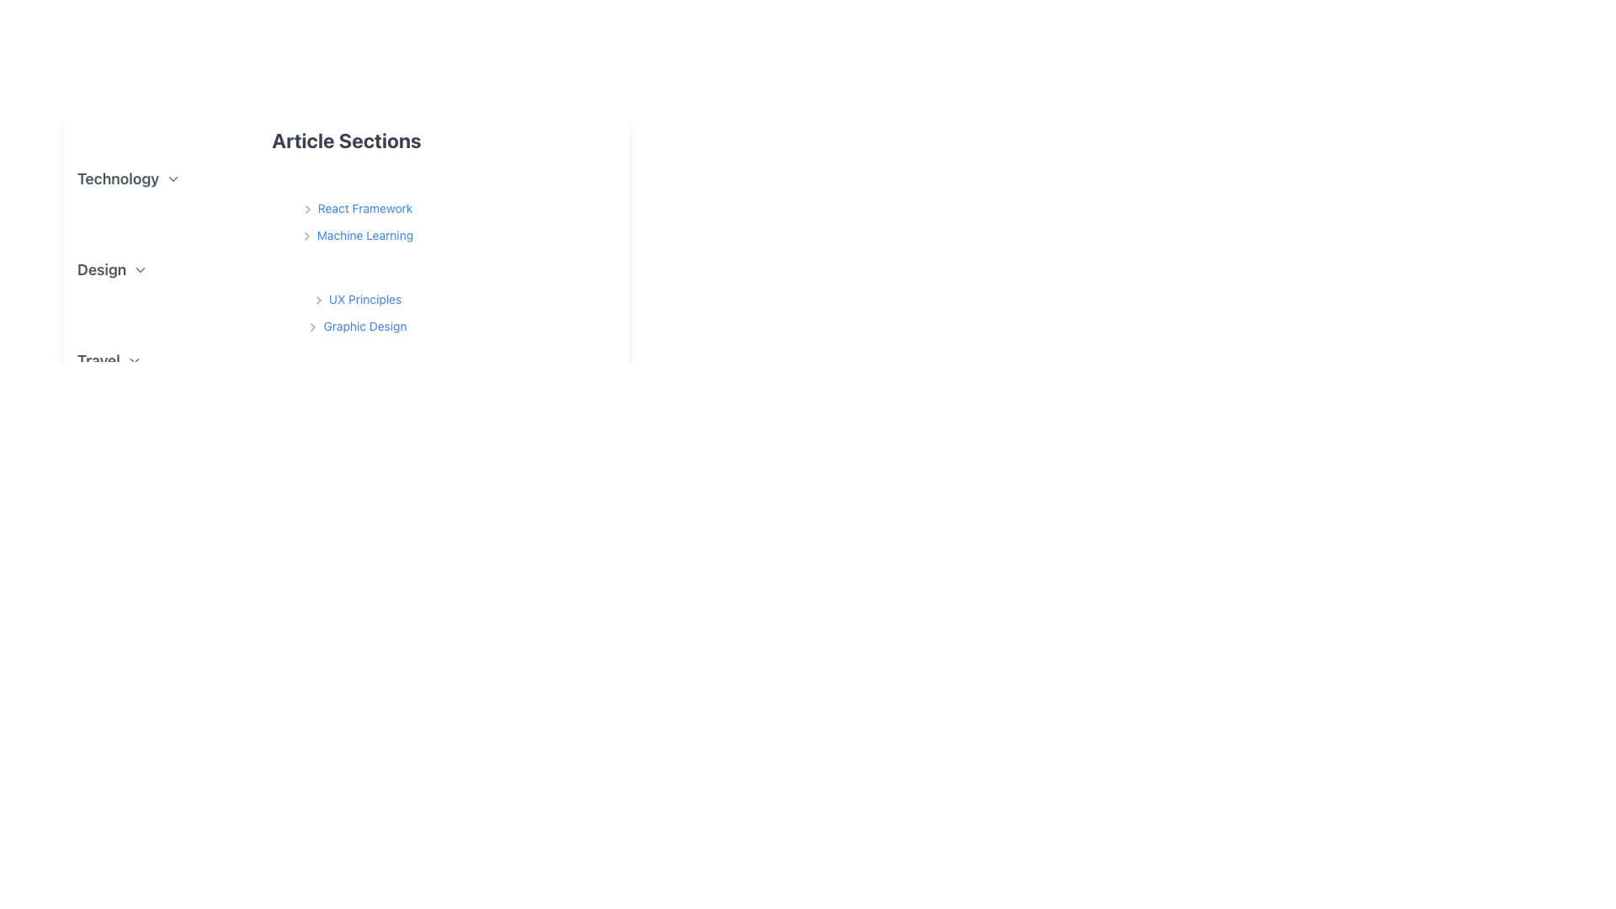  Describe the element at coordinates (346, 205) in the screenshot. I see `the Interactive List element containing the links 'React Framework' and 'Machine Learning', located under the 'Technology' section` at that location.